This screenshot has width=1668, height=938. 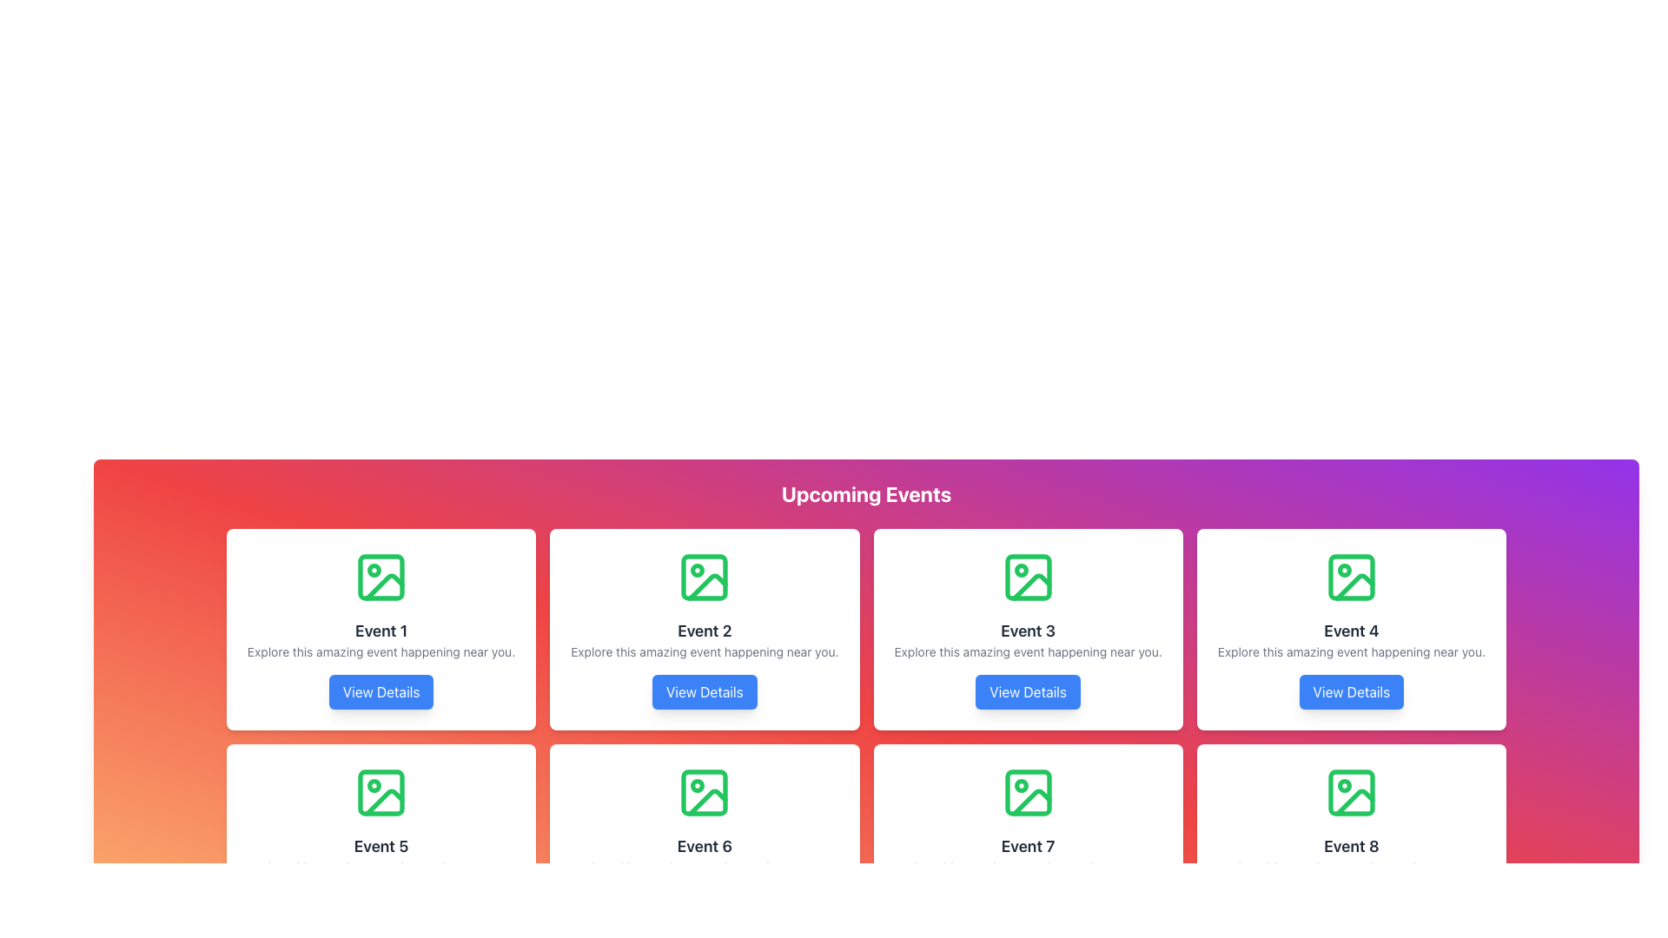 What do you see at coordinates (1350, 652) in the screenshot?
I see `the text block containing 'Explore this amazing event happening near you.' located below the title 'Event 4' and above the button 'View Details' in the fourth card of the grid layout` at bounding box center [1350, 652].